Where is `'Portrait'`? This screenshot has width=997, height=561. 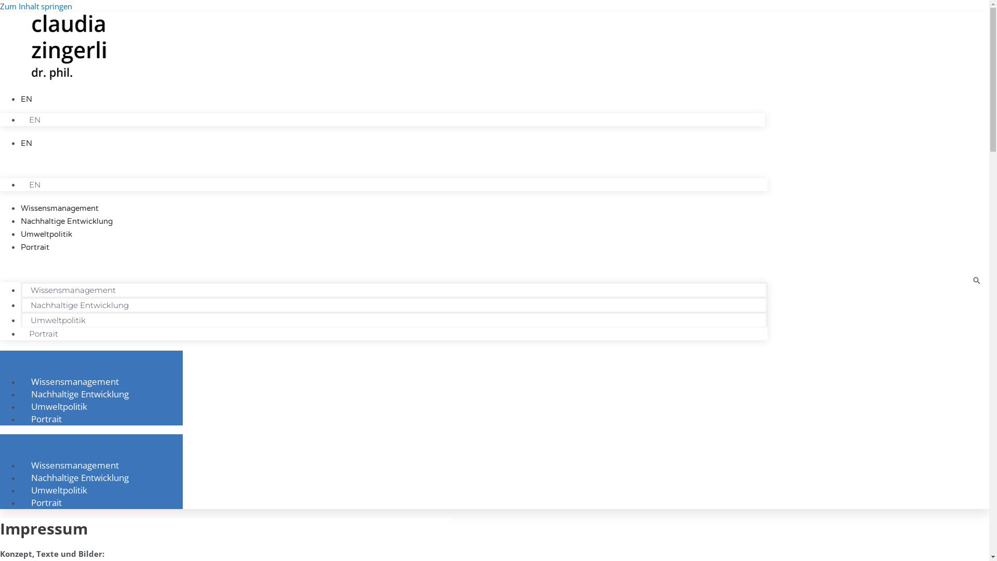 'Portrait' is located at coordinates (46, 502).